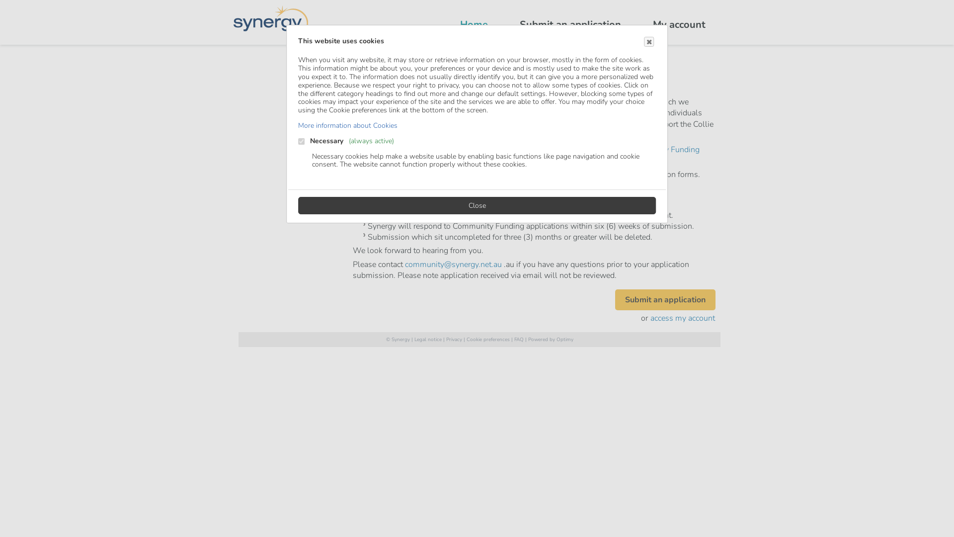 The image size is (954, 537). Describe the element at coordinates (474, 24) in the screenshot. I see `'Home'` at that location.